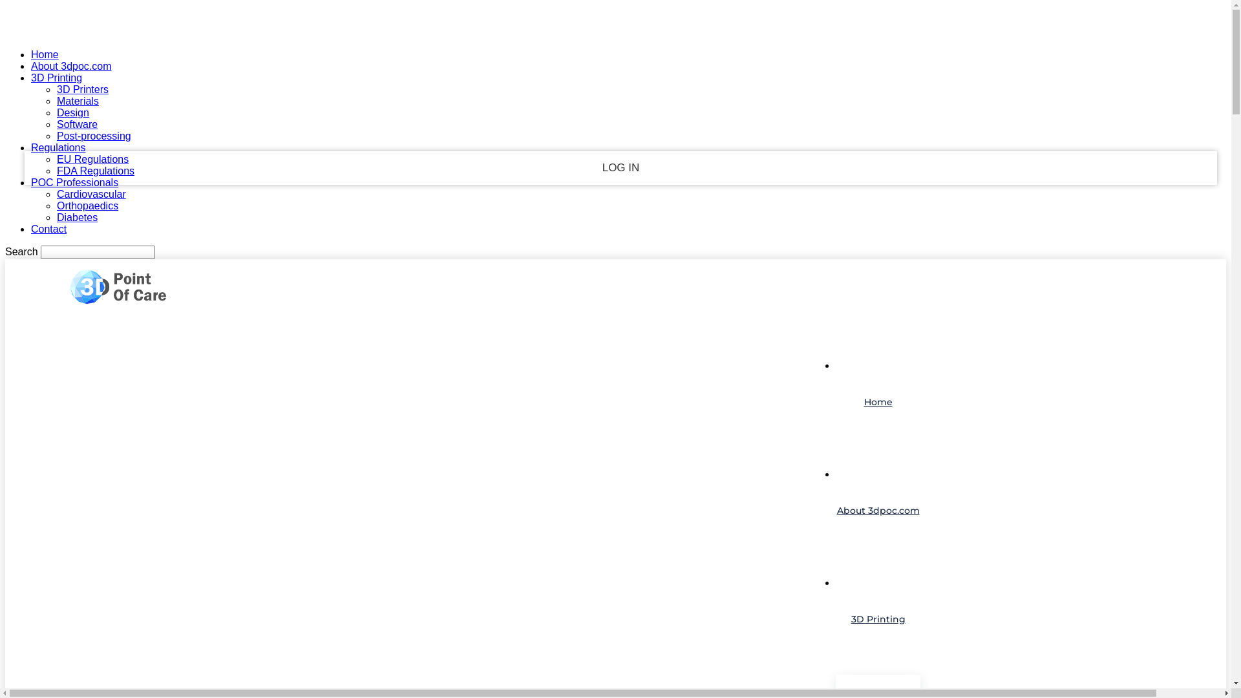 The image size is (1241, 698). What do you see at coordinates (878, 510) in the screenshot?
I see `'About 3dpoc.com'` at bounding box center [878, 510].